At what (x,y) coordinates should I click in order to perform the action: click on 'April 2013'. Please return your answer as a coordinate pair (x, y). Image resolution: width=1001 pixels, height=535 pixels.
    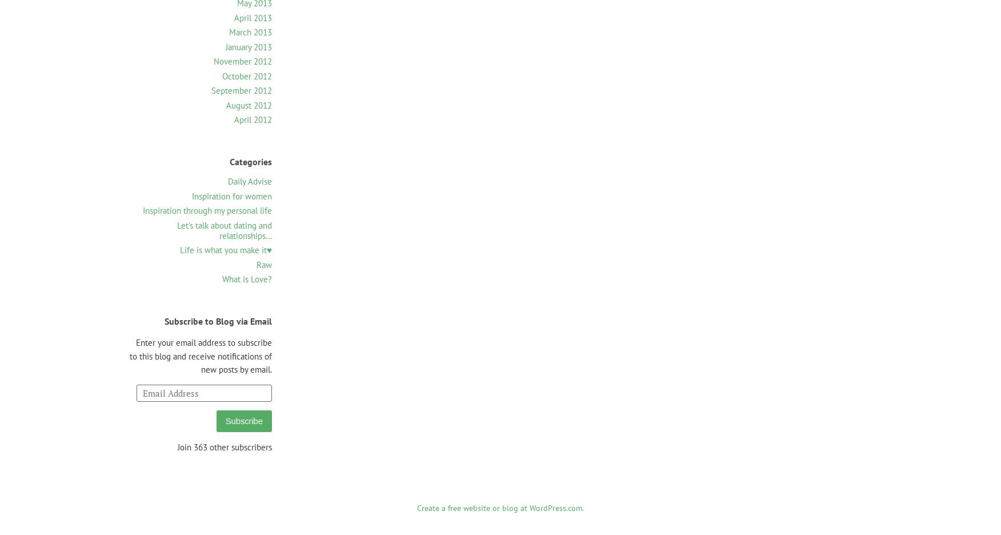
    Looking at the image, I should click on (253, 17).